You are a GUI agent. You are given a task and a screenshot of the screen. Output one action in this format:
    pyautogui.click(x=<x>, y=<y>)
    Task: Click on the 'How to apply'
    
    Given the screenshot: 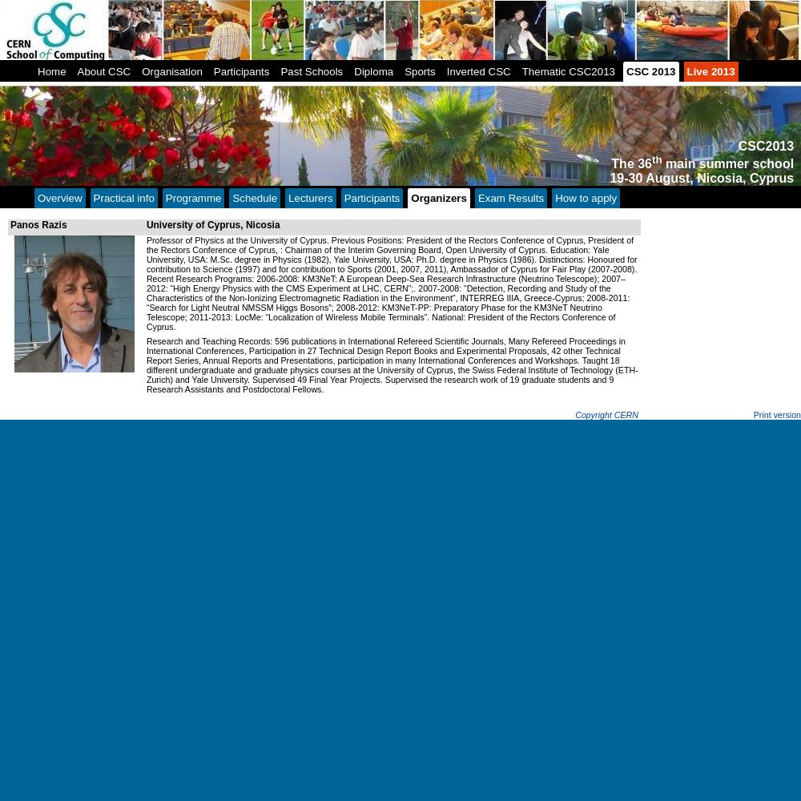 What is the action you would take?
    pyautogui.click(x=585, y=197)
    